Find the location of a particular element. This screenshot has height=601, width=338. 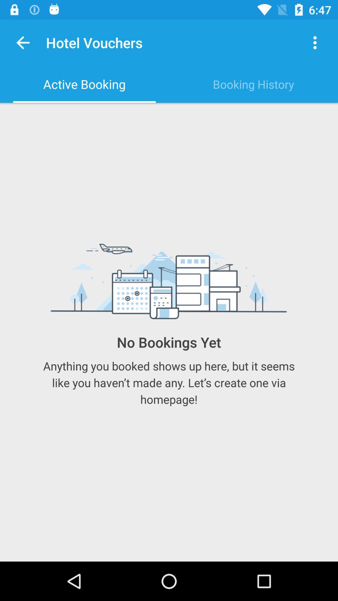

item to the right of the active booking item is located at coordinates (253, 84).